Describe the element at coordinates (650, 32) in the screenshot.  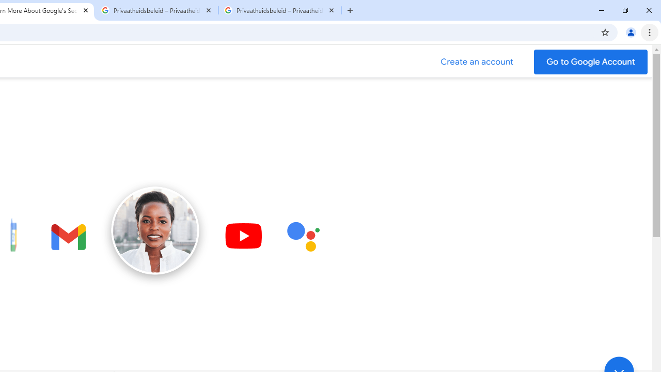
I see `'Chrome'` at that location.